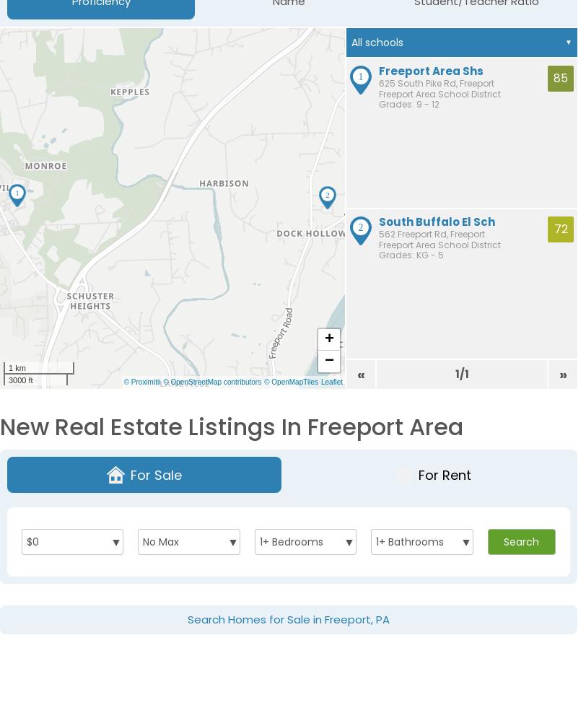 The height and width of the screenshot is (718, 586). I want to click on 'Grades: KG - 5', so click(379, 253).